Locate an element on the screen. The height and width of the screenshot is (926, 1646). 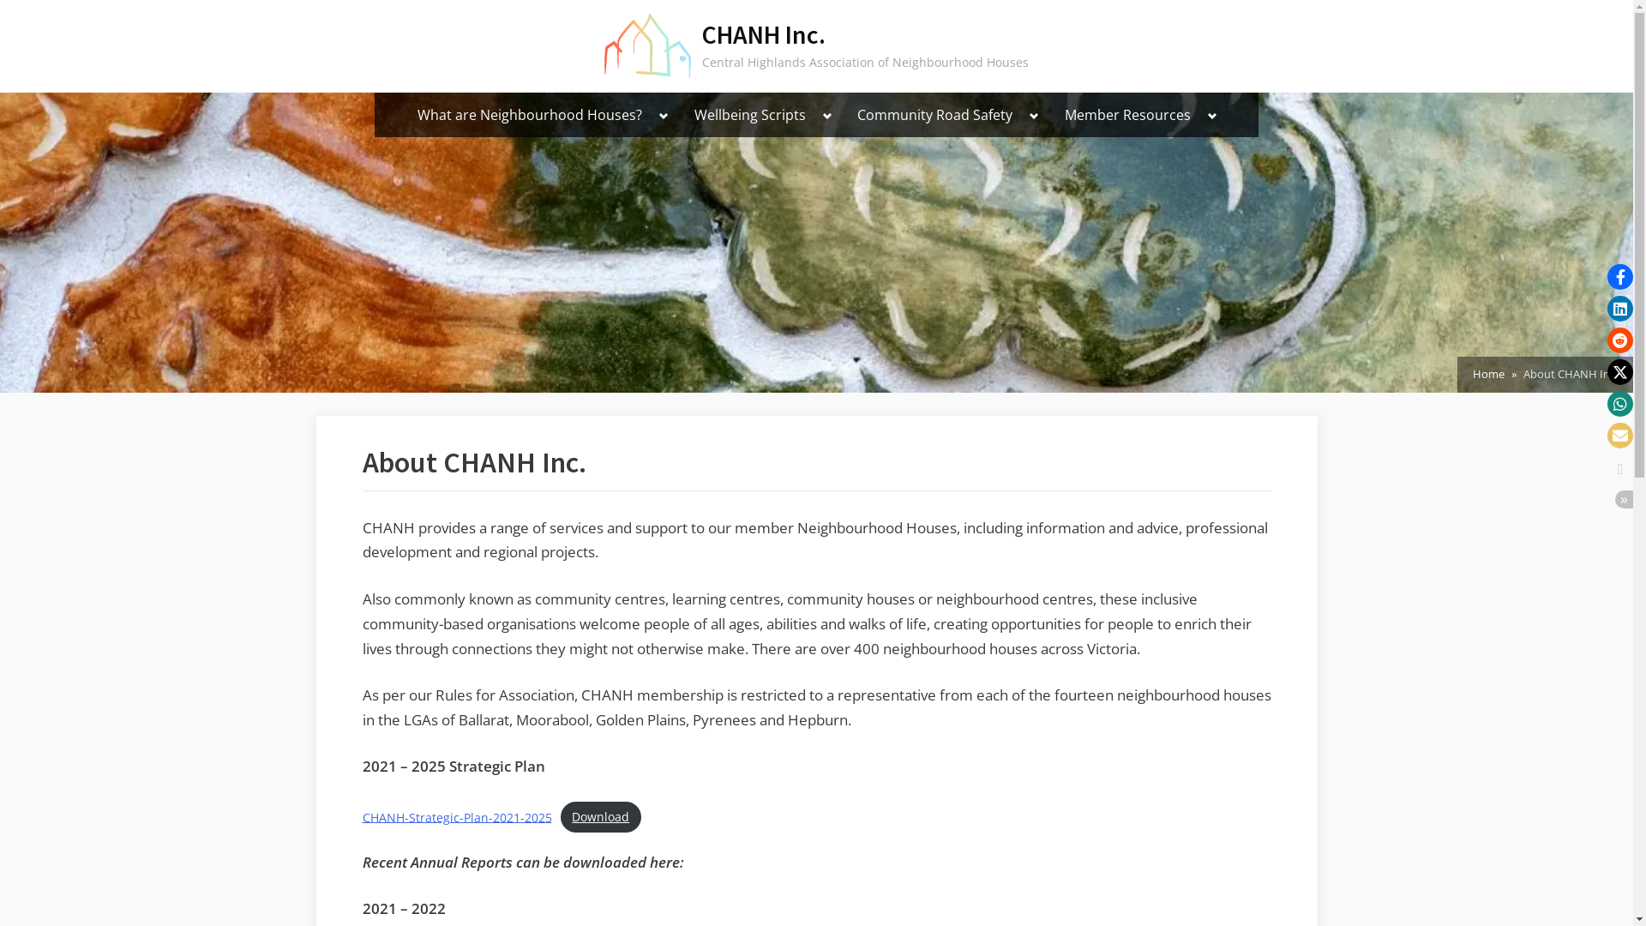
'Toggle sub-menu' is located at coordinates (663, 116).